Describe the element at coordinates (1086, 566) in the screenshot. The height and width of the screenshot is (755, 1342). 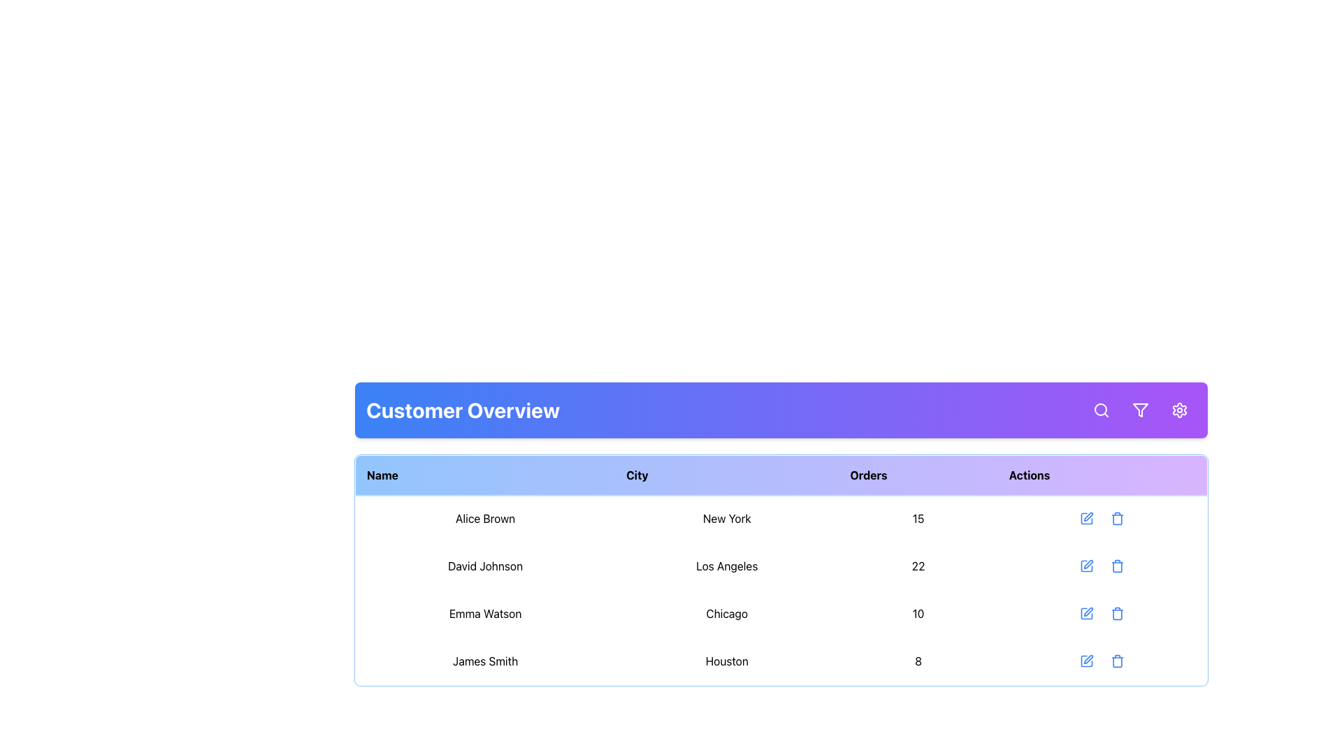
I see `the circular button with a blue pen glyph in the 'Actions' column of the row representing user 'David Johnson' to initiate editing` at that location.